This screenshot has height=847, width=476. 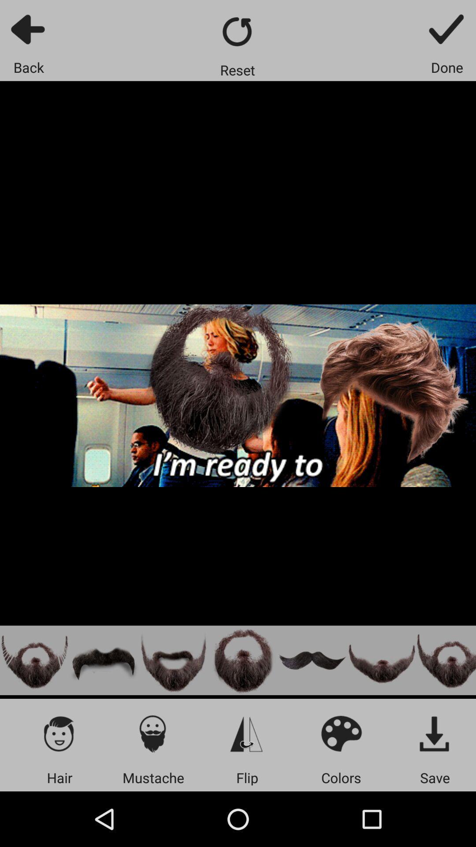 I want to click on the file_download icon, so click(x=435, y=733).